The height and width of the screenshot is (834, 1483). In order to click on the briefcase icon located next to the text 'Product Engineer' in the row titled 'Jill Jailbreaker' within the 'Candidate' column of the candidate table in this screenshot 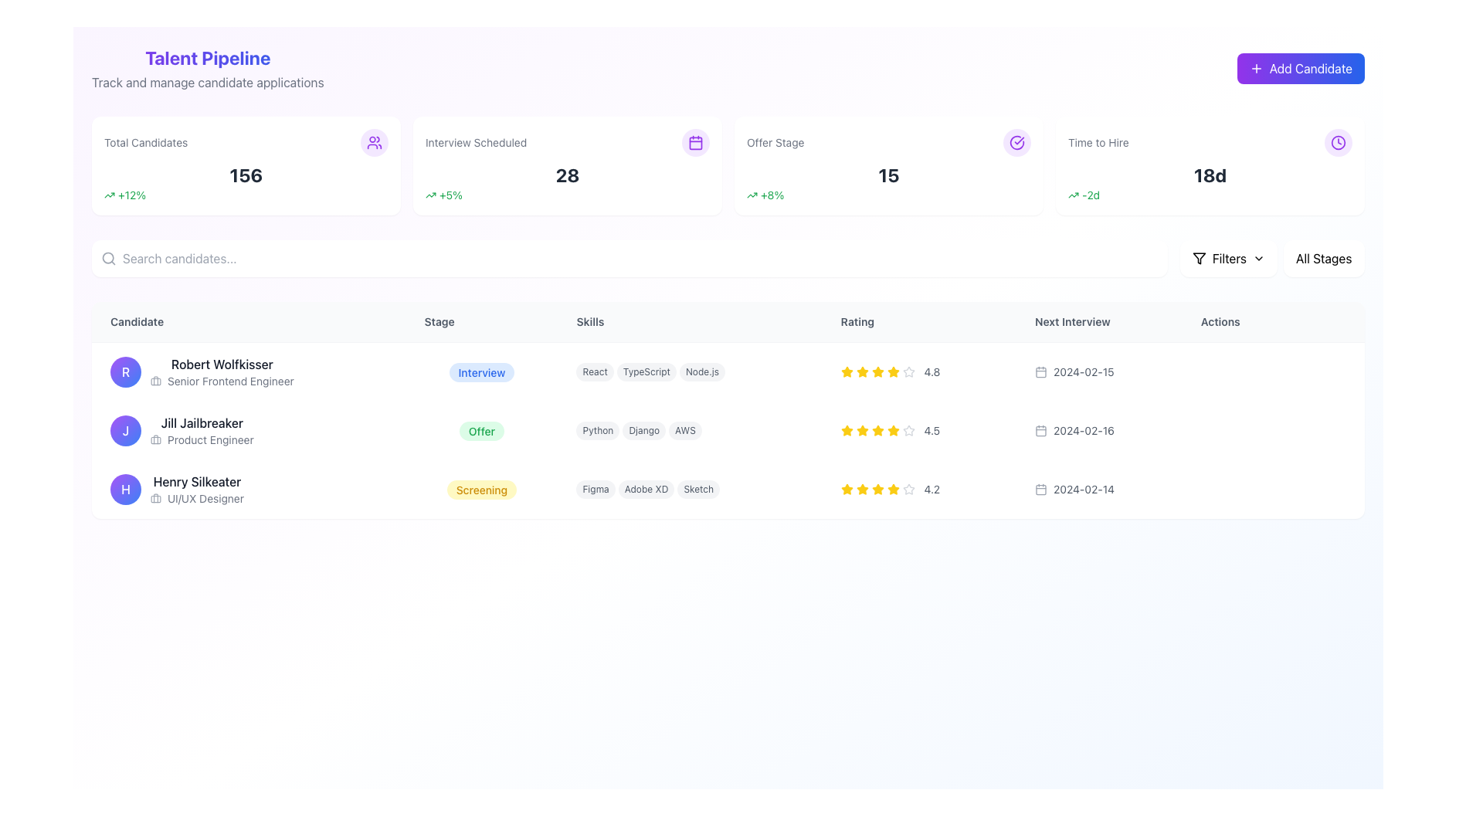, I will do `click(155, 440)`.